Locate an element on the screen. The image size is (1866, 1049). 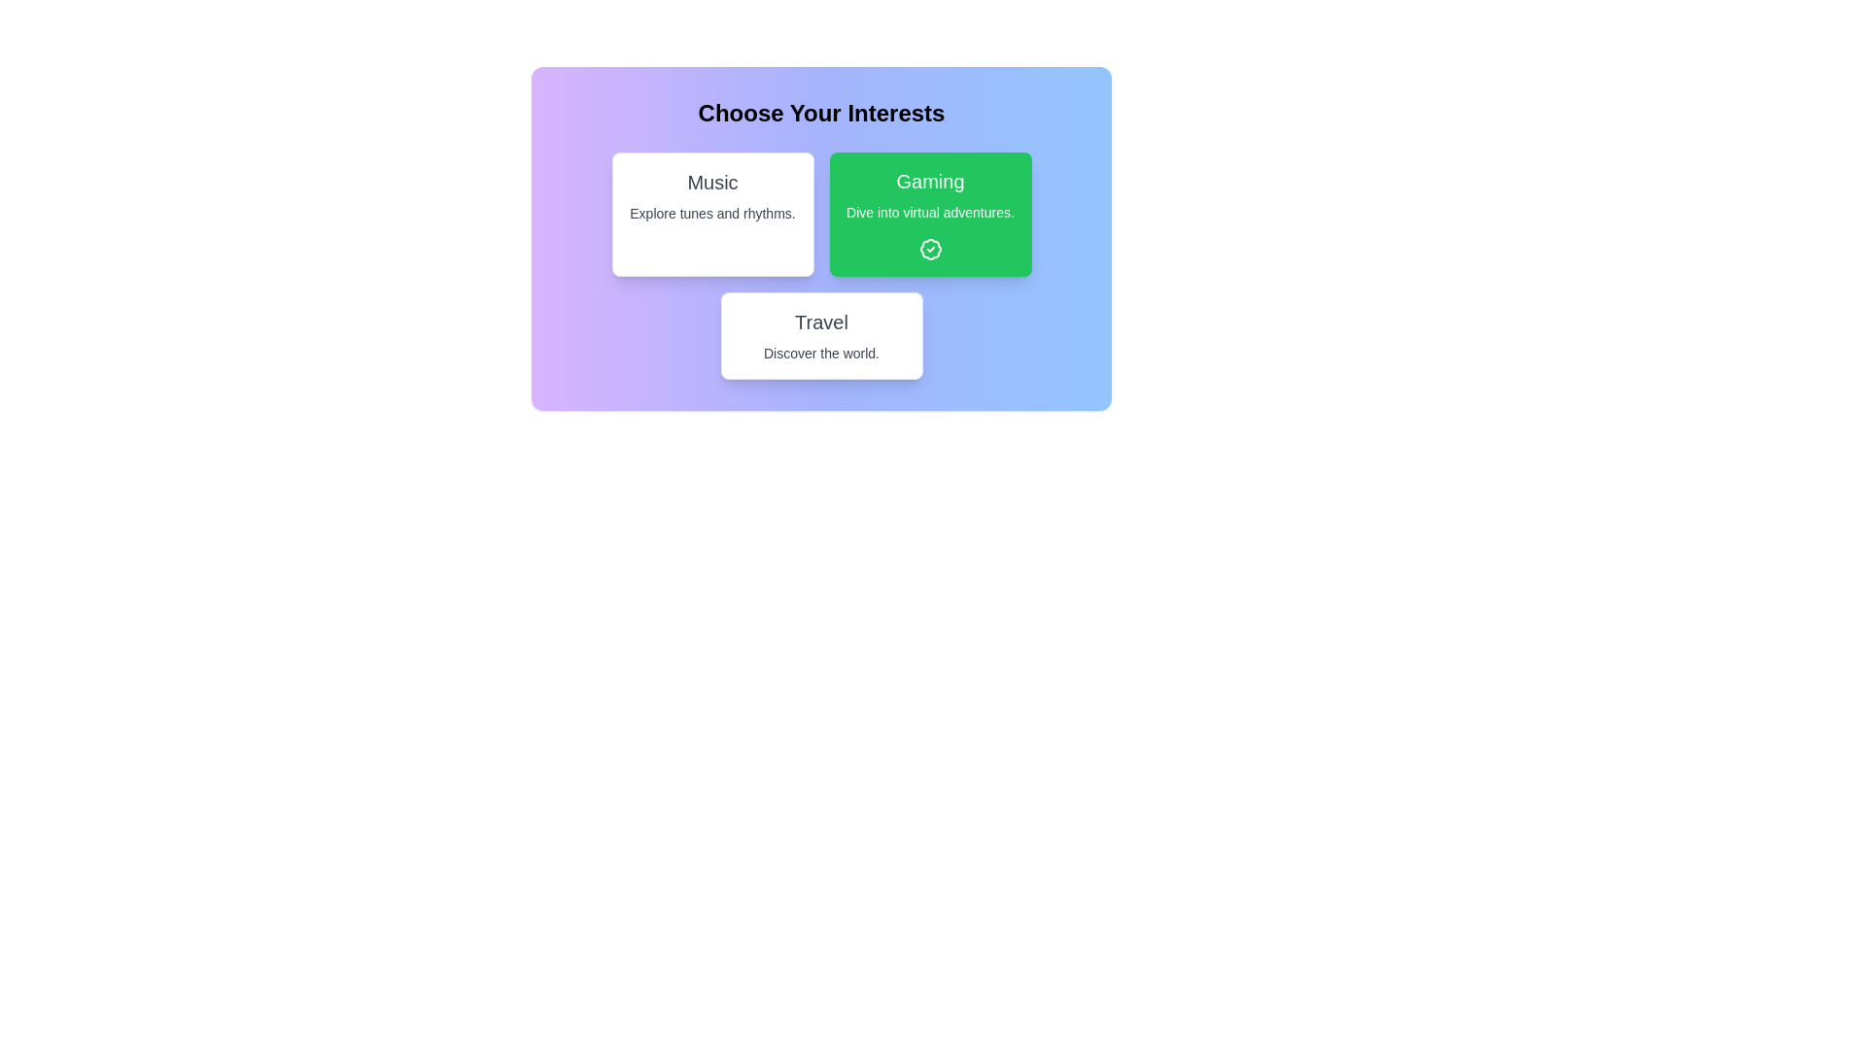
the interest card labeled 'Gaming' to observe the visual feedback is located at coordinates (929, 214).